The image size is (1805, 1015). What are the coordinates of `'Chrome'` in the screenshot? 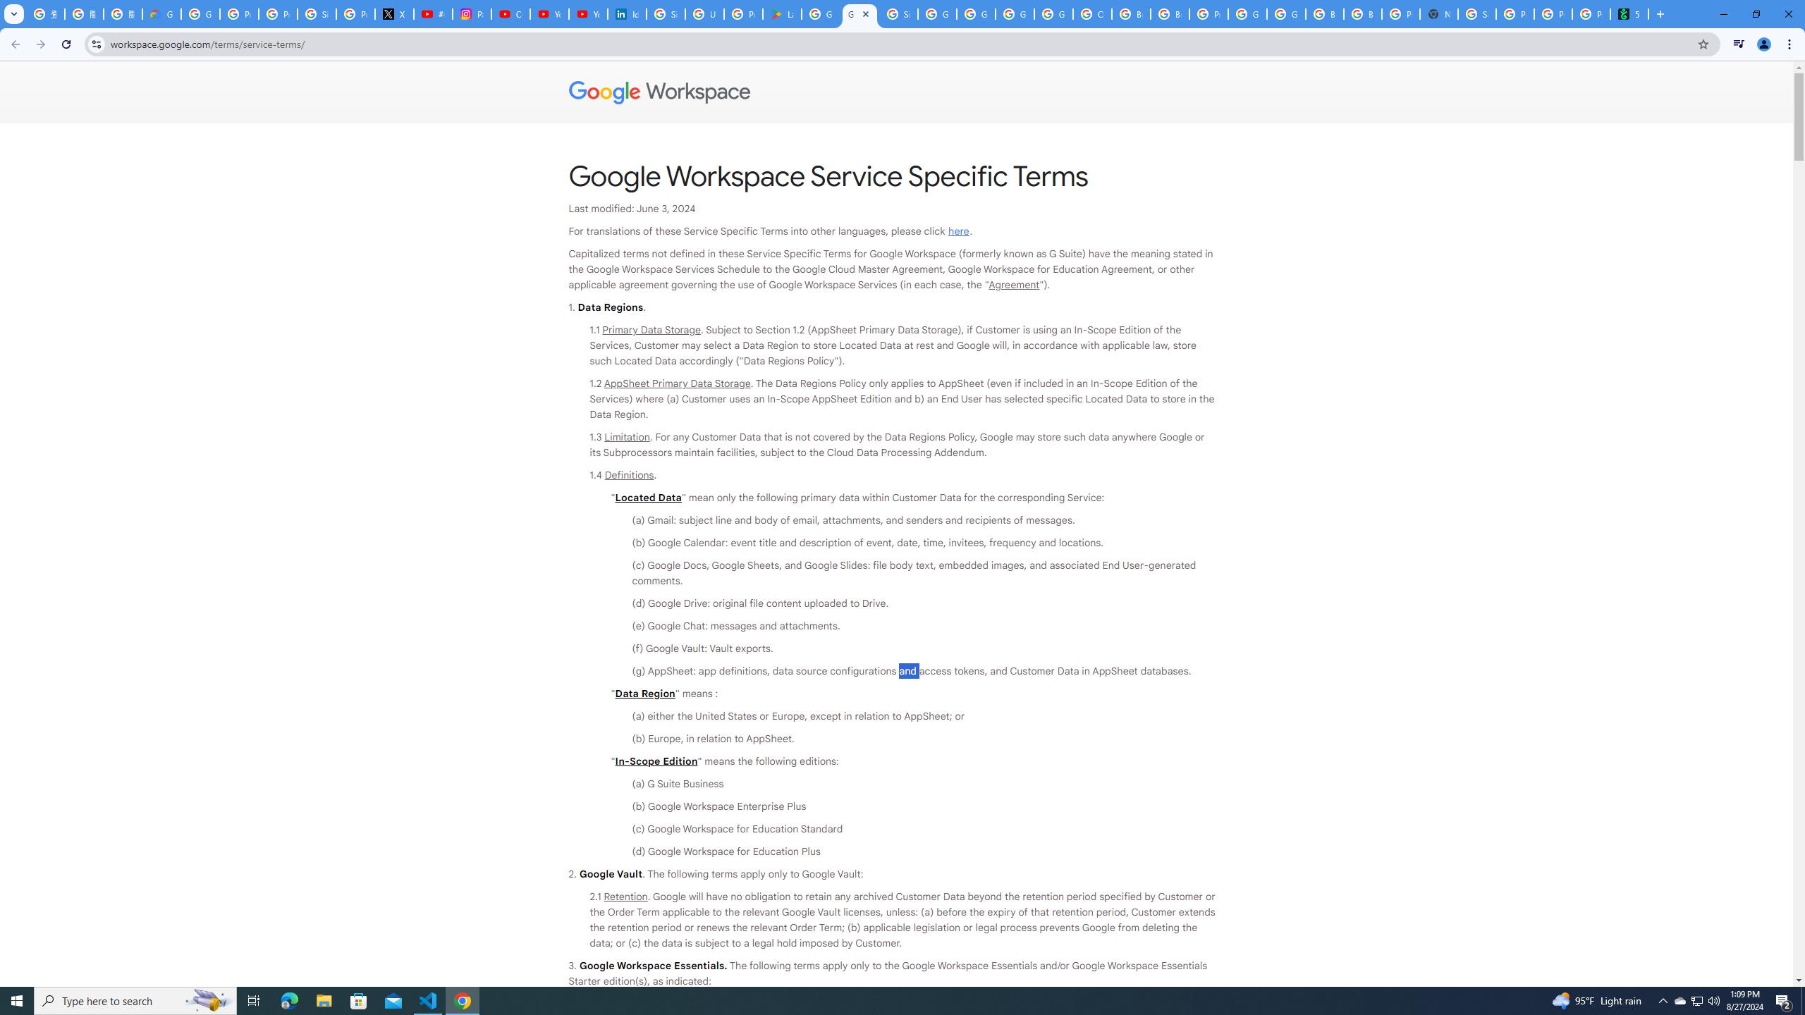 It's located at (1790, 44).